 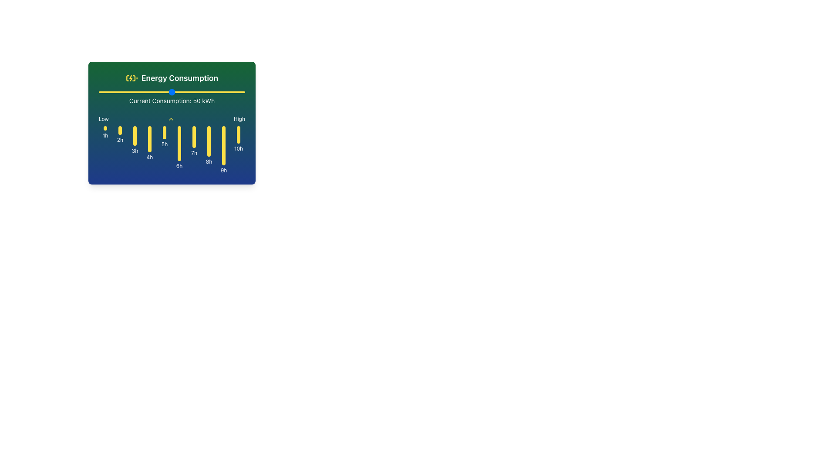 I want to click on the energy consumption slider, so click(x=126, y=93).